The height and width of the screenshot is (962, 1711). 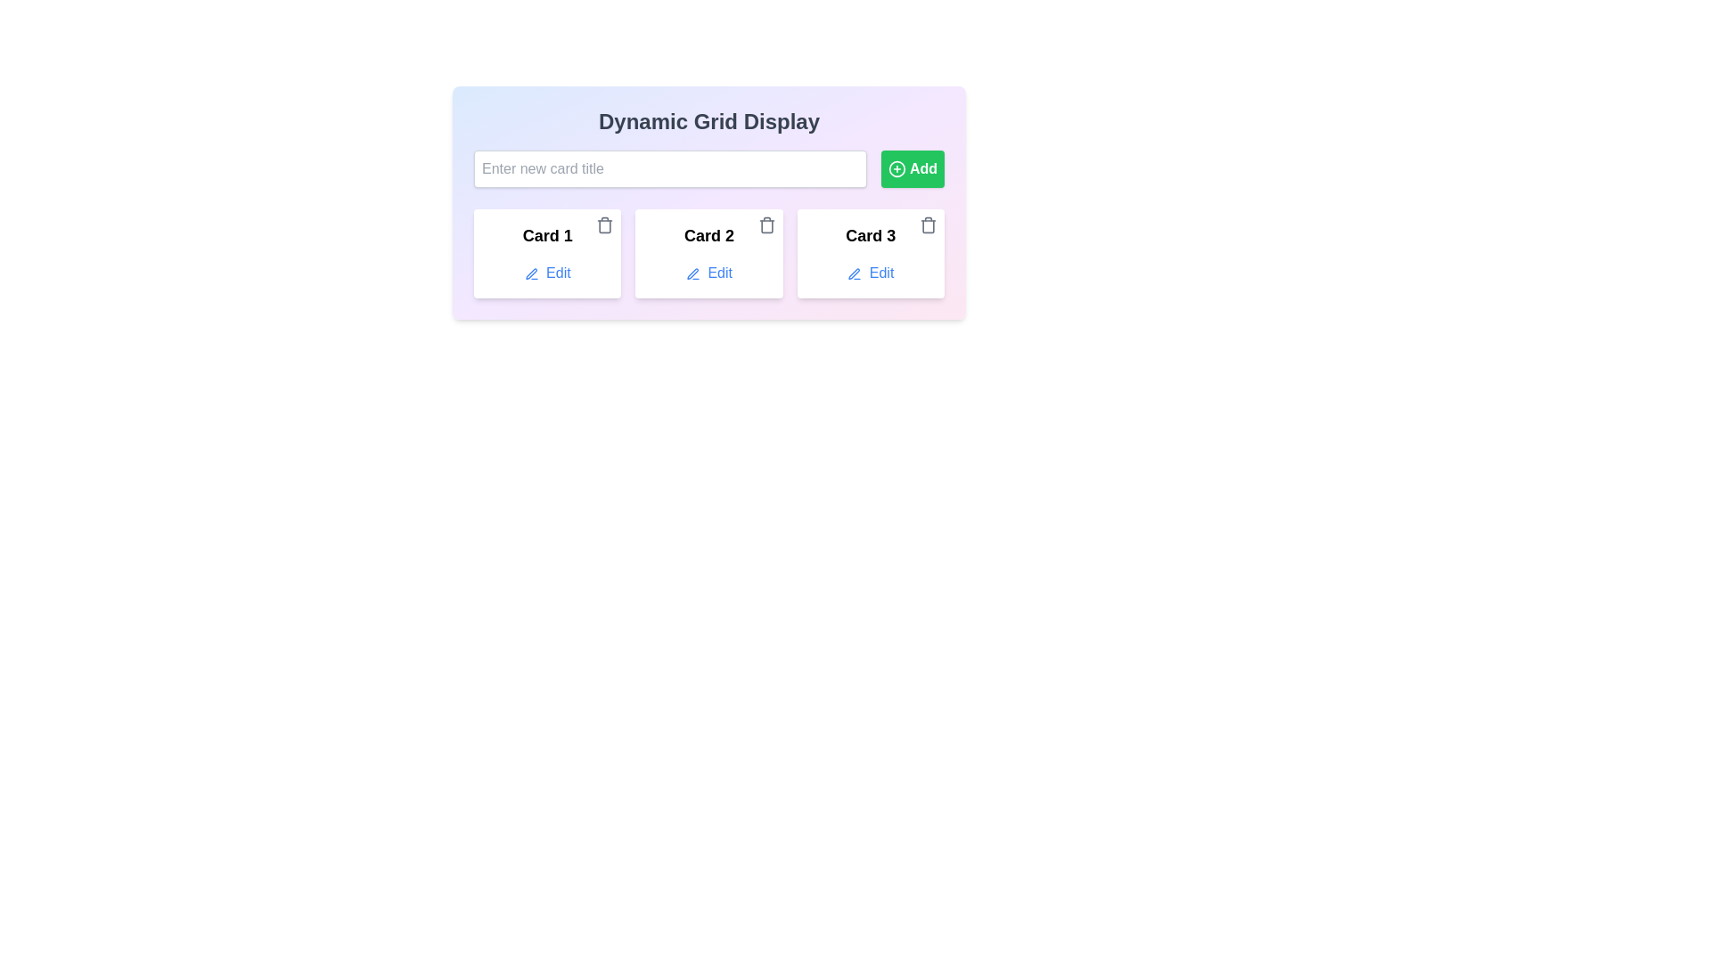 What do you see at coordinates (546, 235) in the screenshot?
I see `the title Label at the top-left section of the card` at bounding box center [546, 235].